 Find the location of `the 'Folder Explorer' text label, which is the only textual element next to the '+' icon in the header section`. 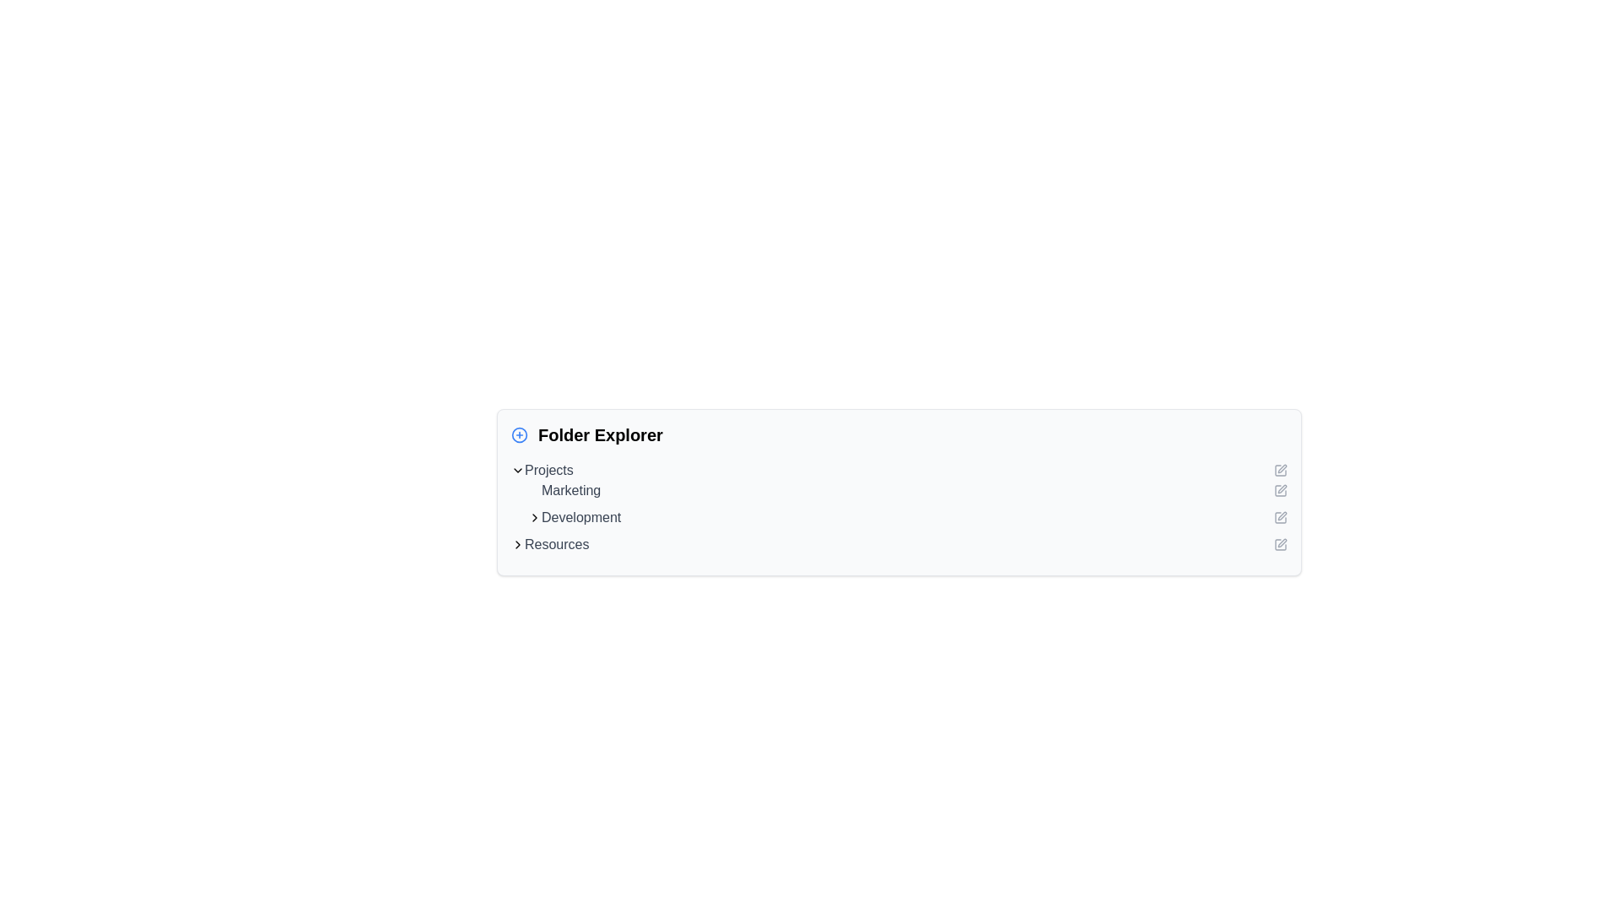

the 'Folder Explorer' text label, which is the only textual element next to the '+' icon in the header section is located at coordinates (600, 434).